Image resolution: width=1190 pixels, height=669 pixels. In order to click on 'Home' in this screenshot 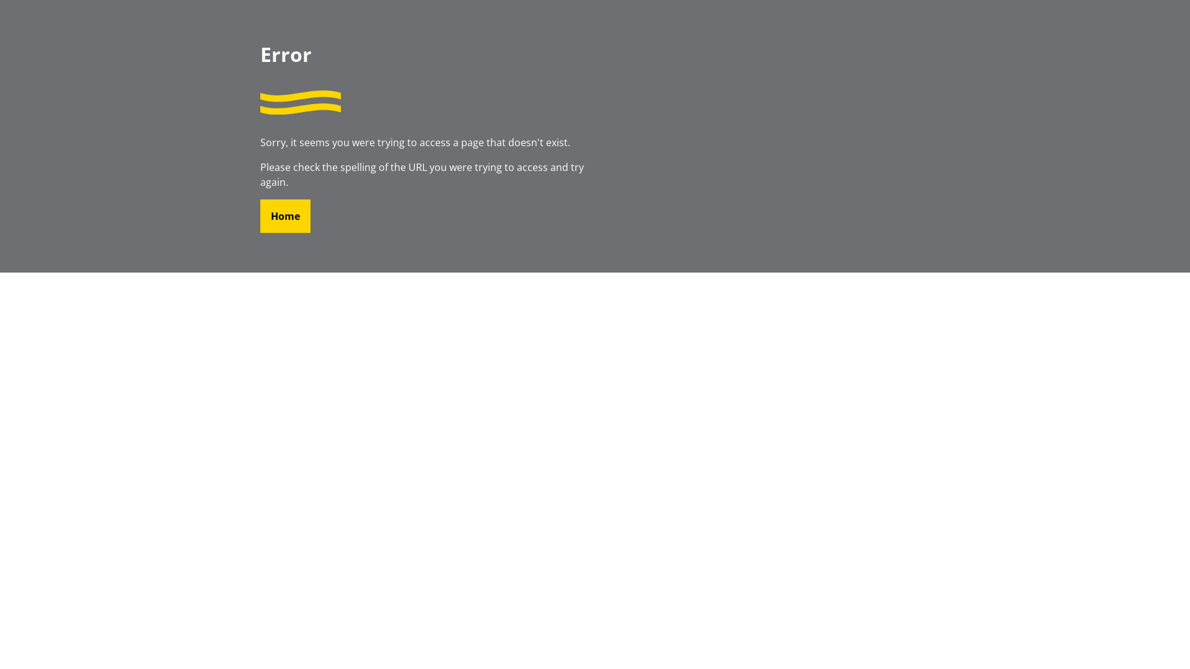, I will do `click(284, 215)`.